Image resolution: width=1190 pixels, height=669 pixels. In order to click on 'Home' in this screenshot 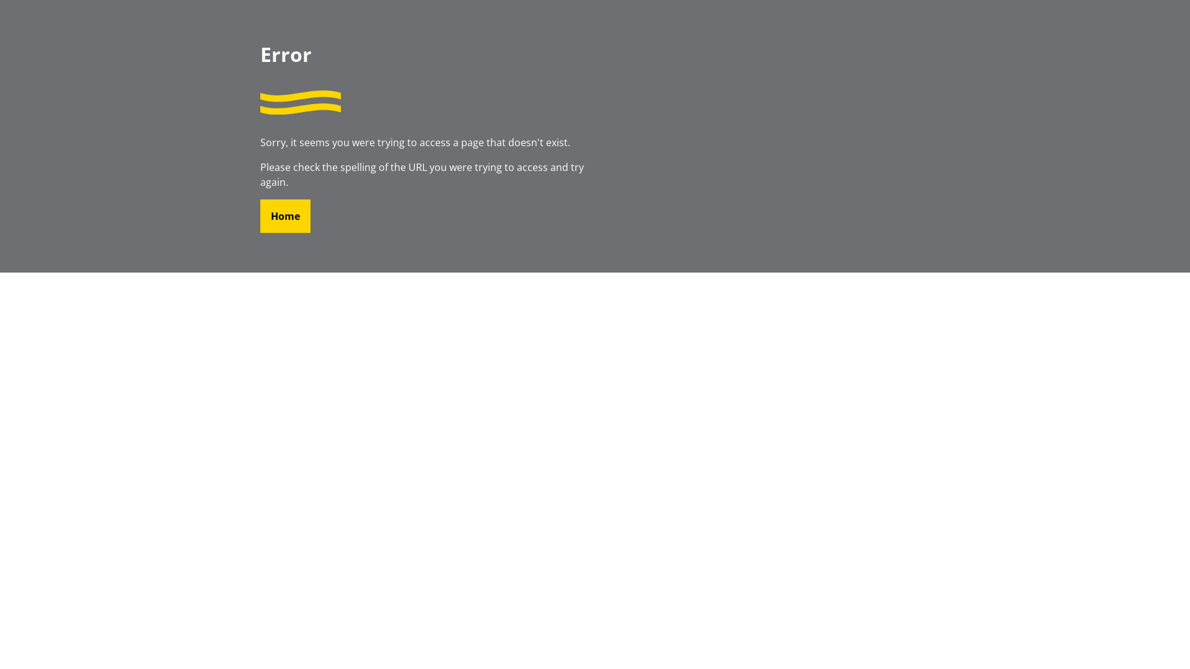, I will do `click(284, 215)`.